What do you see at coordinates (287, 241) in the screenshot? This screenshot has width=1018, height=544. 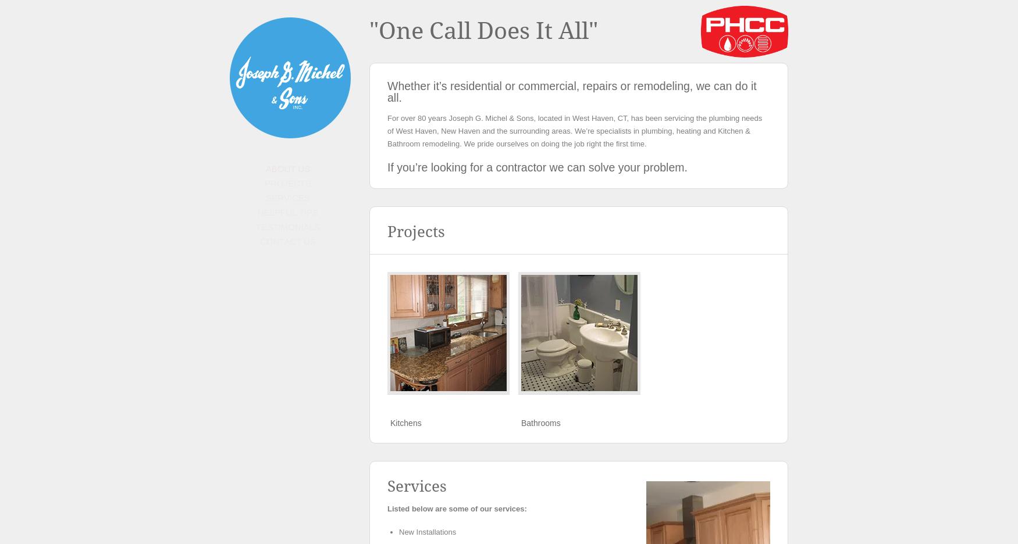 I see `'Contact Us'` at bounding box center [287, 241].